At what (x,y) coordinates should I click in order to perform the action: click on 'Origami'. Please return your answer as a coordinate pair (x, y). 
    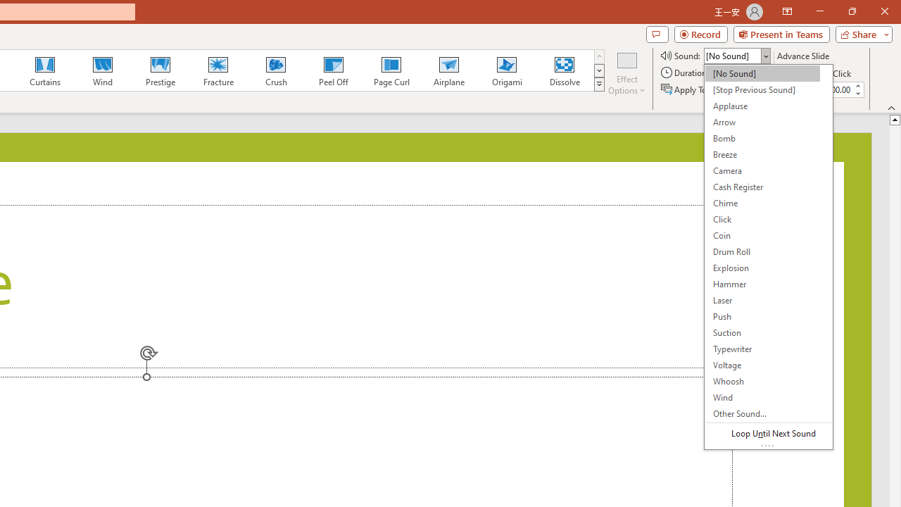
    Looking at the image, I should click on (507, 70).